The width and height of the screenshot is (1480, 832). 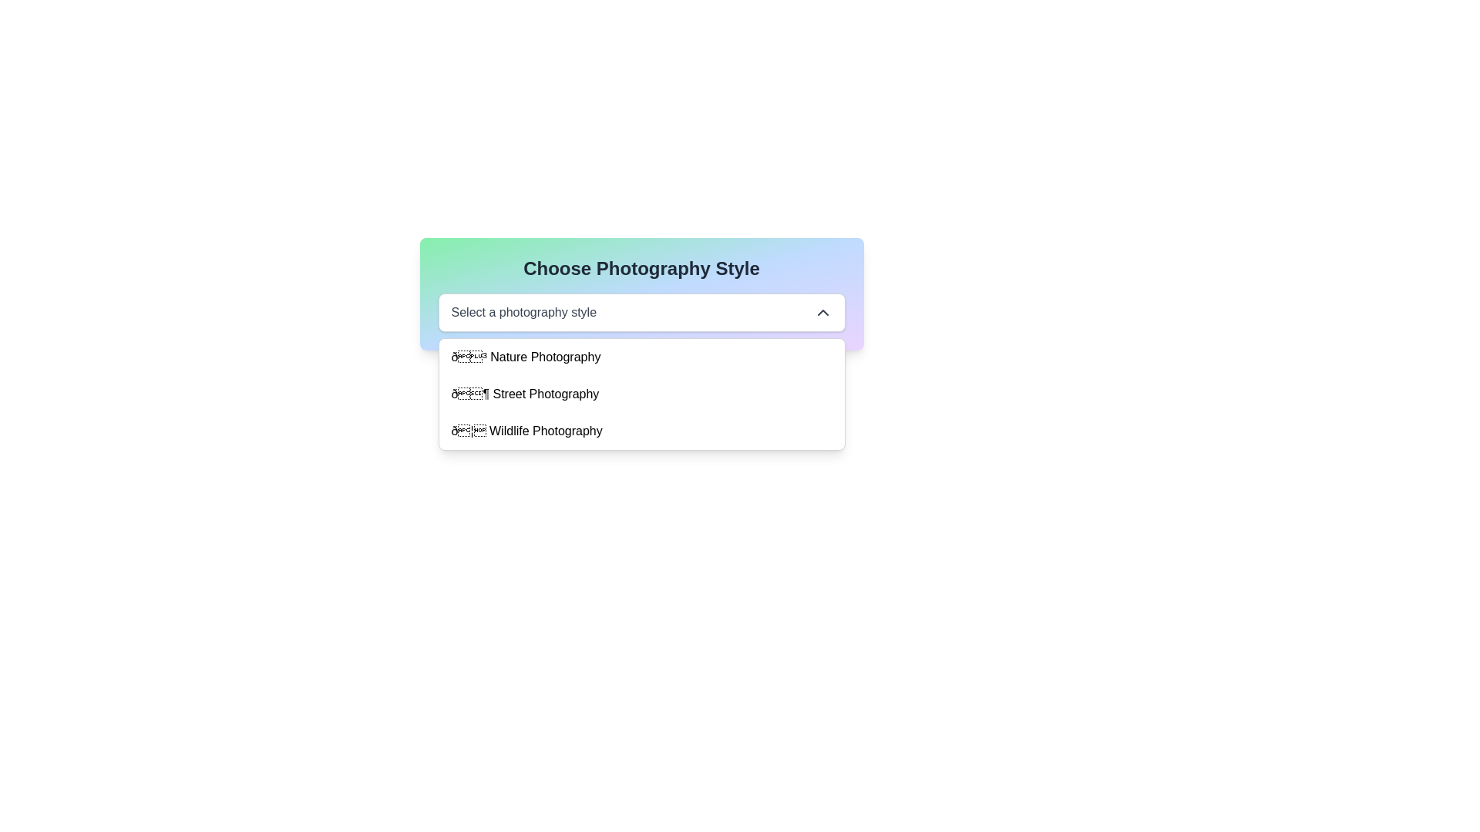 What do you see at coordinates (525, 394) in the screenshot?
I see `the selectable list item reading '🚶 Street Photography'` at bounding box center [525, 394].